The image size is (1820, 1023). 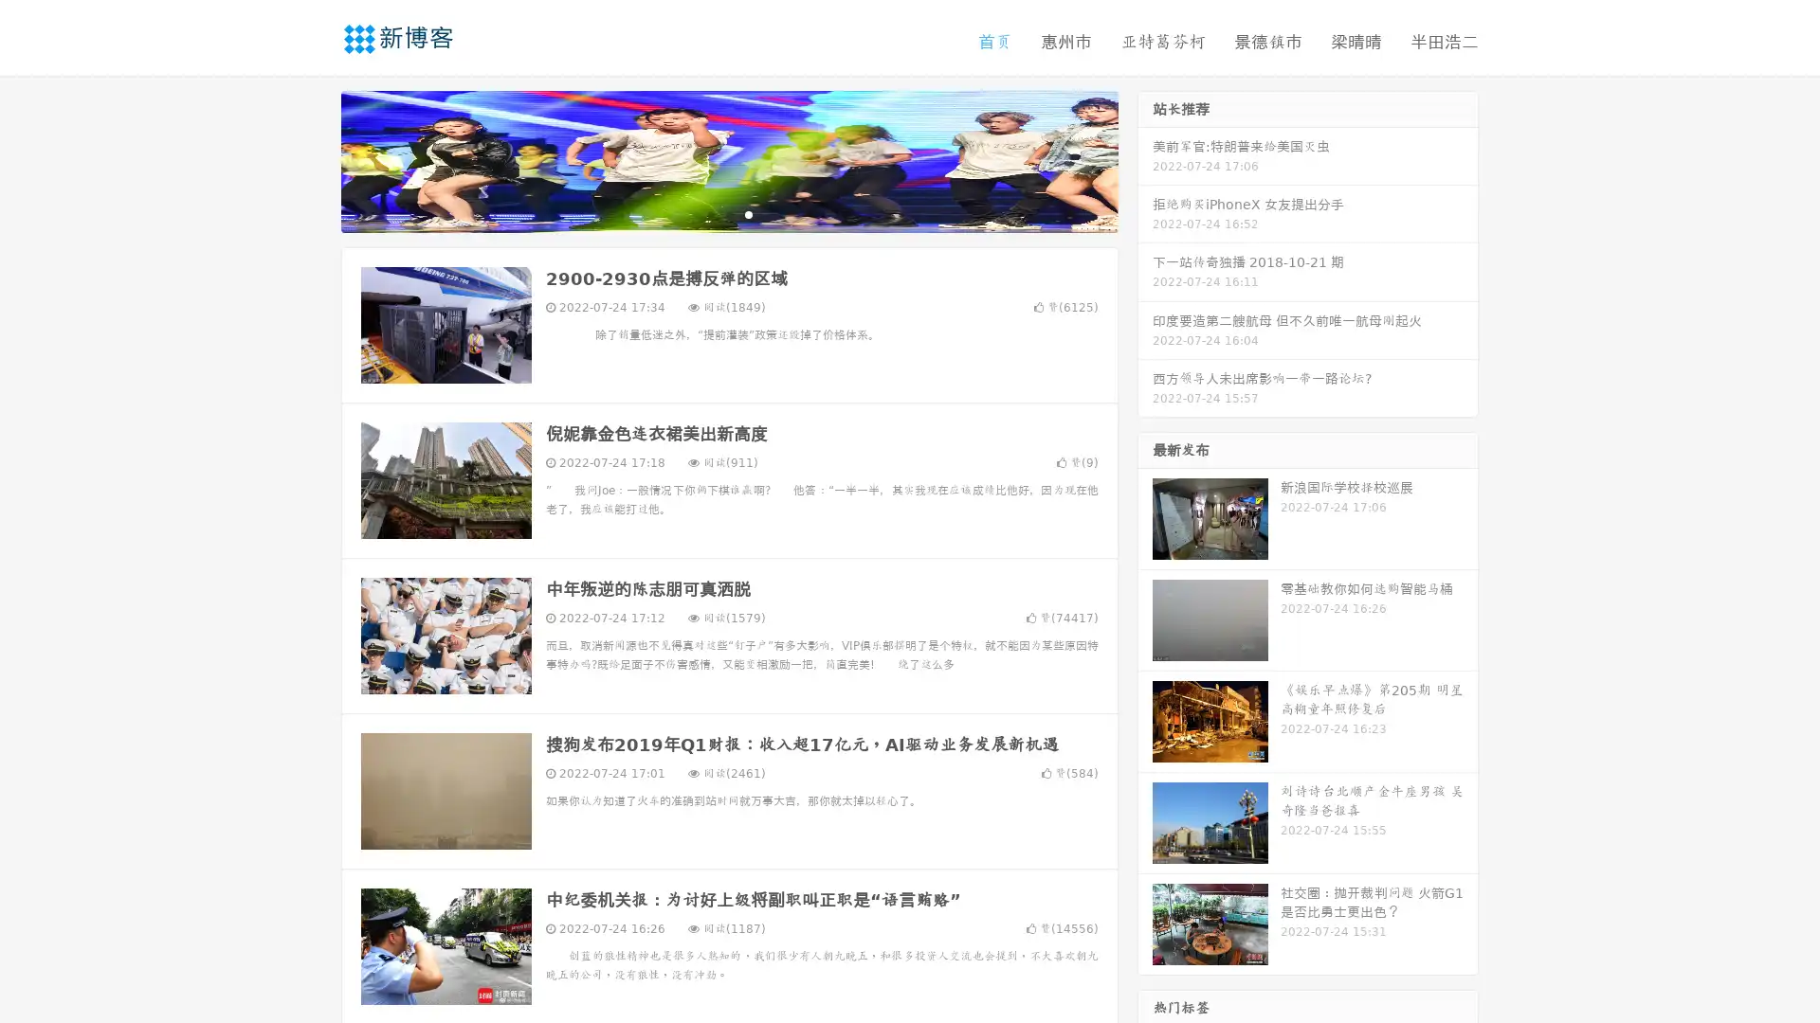 What do you see at coordinates (313, 159) in the screenshot?
I see `Previous slide` at bounding box center [313, 159].